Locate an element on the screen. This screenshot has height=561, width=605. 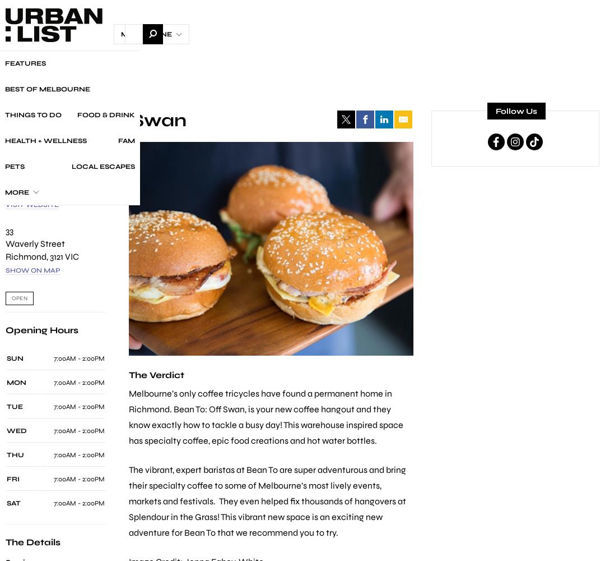
'Follow Us' is located at coordinates (495, 111).